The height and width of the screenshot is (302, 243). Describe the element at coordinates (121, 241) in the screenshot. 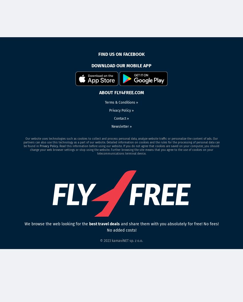

I see `'© 2023 kamaviNET sp. z o.o.'` at that location.